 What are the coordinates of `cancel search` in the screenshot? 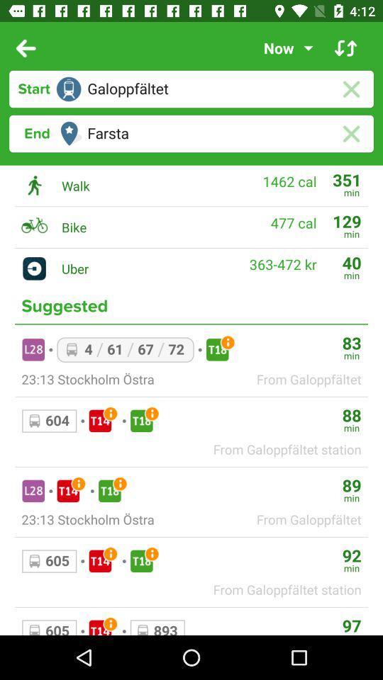 It's located at (350, 89).